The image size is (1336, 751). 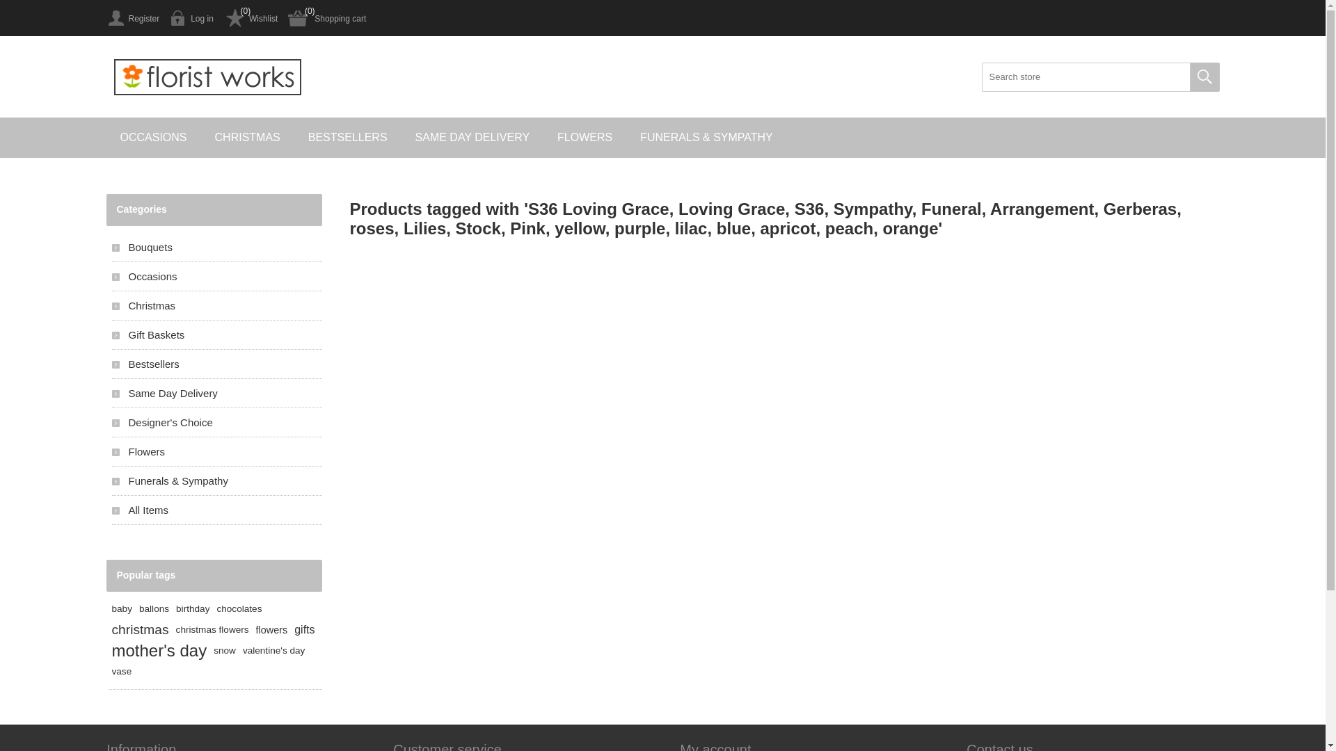 I want to click on 'christmas', so click(x=140, y=630).